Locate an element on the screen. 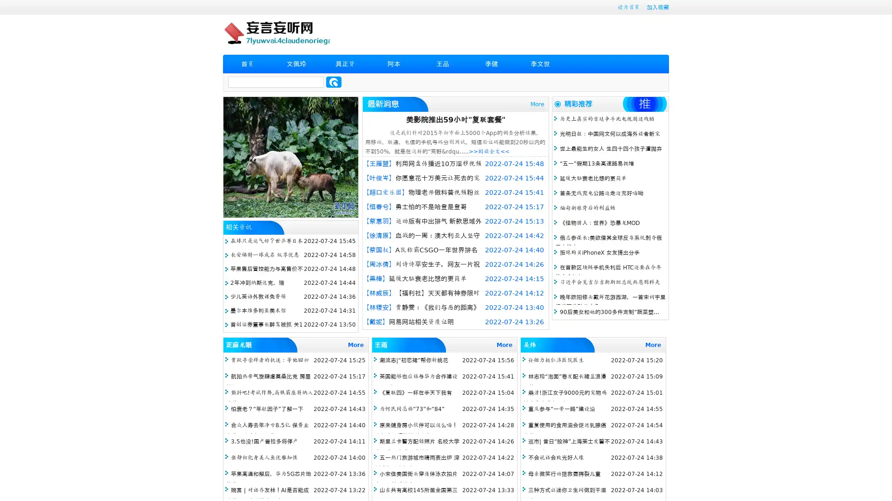 Image resolution: width=892 pixels, height=501 pixels. Search is located at coordinates (334, 82).